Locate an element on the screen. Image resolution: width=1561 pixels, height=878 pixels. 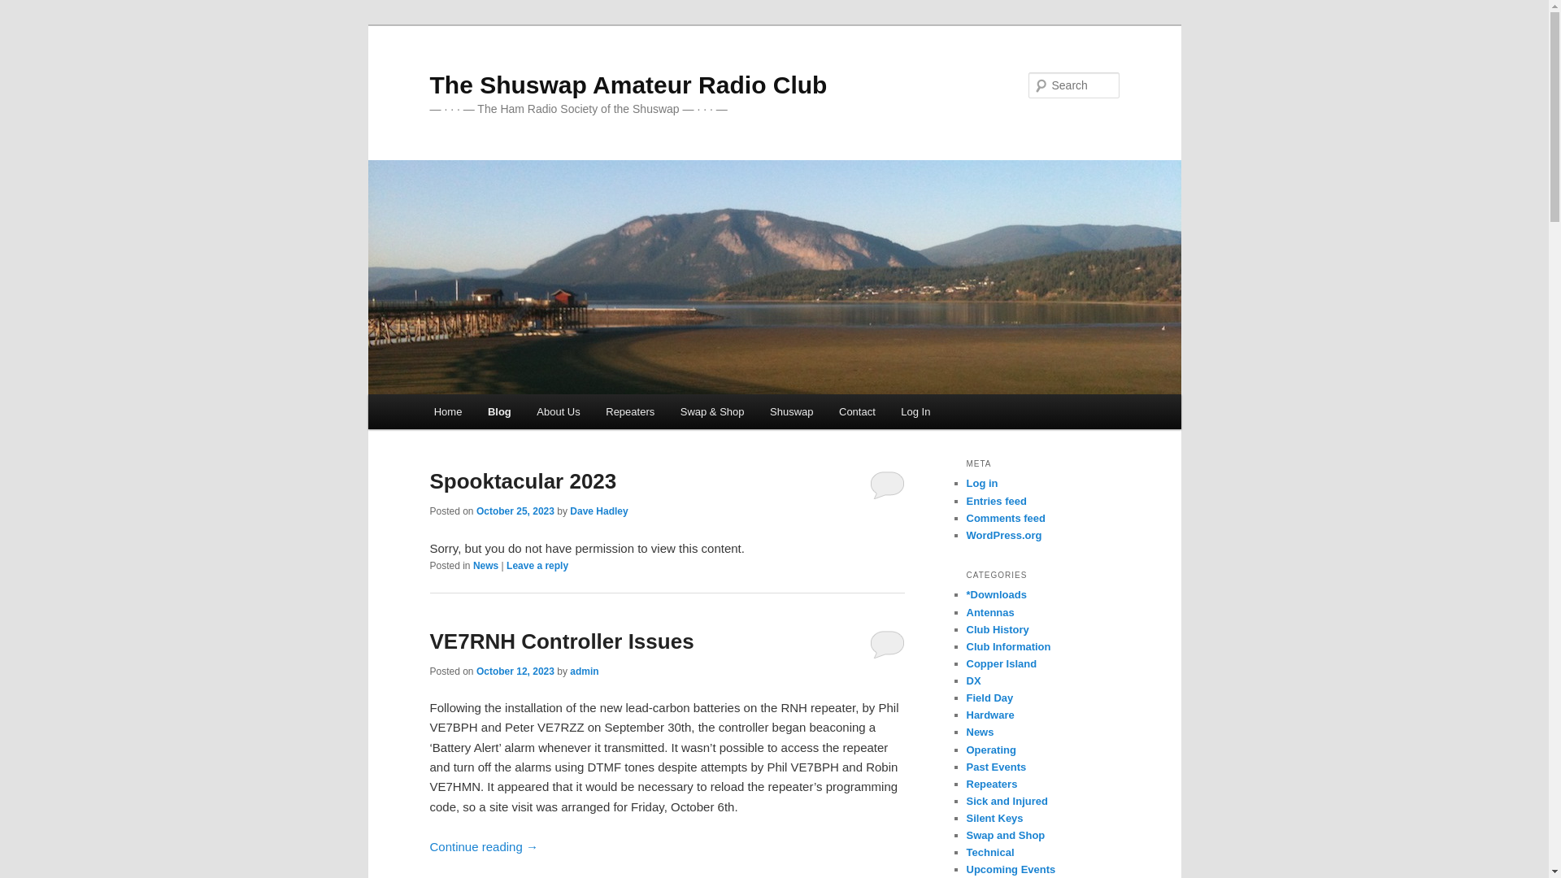
'WordPress.org' is located at coordinates (1002, 535).